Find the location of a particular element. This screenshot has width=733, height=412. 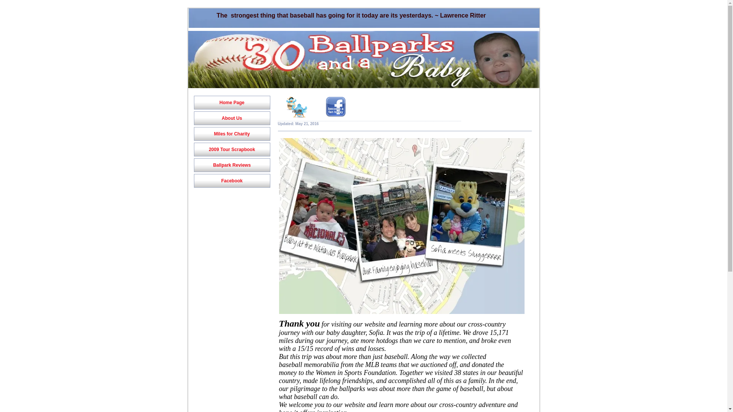

'About Us' is located at coordinates (231, 118).